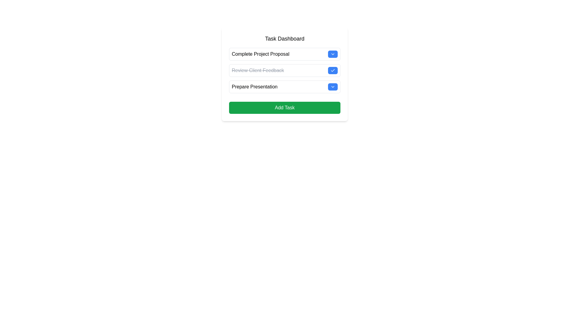 Image resolution: width=581 pixels, height=327 pixels. What do you see at coordinates (332, 87) in the screenshot?
I see `the blue Dropdown toggle button with a chevron-down icon located in the 'Prepare Presentation' task` at bounding box center [332, 87].